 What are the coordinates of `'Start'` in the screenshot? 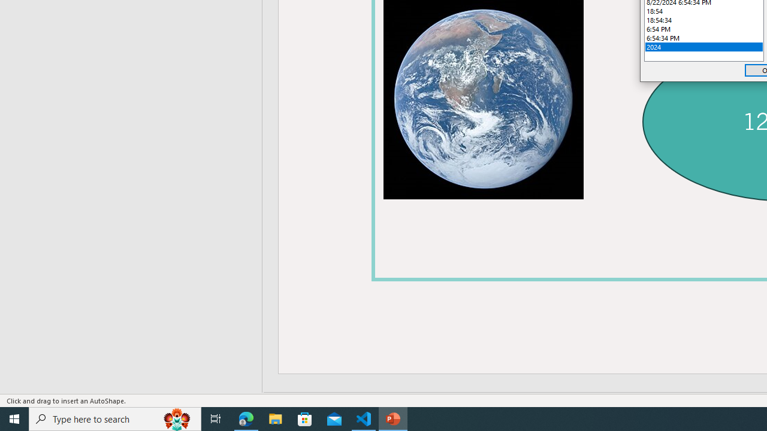 It's located at (14, 418).